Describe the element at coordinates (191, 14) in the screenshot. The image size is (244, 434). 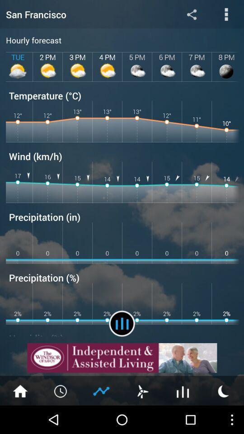
I see `shows the share option` at that location.